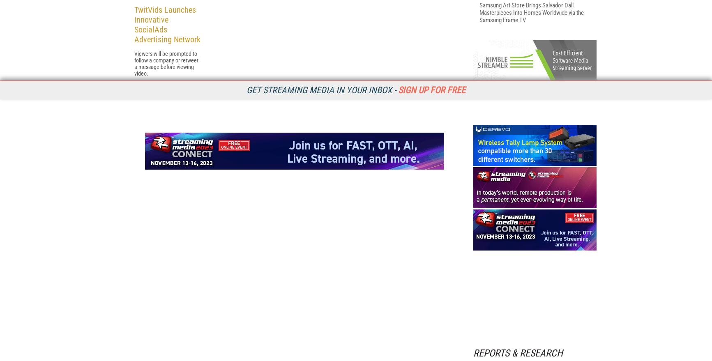 The height and width of the screenshot is (361, 712). I want to click on '13 Jul 2010', so click(146, 193).